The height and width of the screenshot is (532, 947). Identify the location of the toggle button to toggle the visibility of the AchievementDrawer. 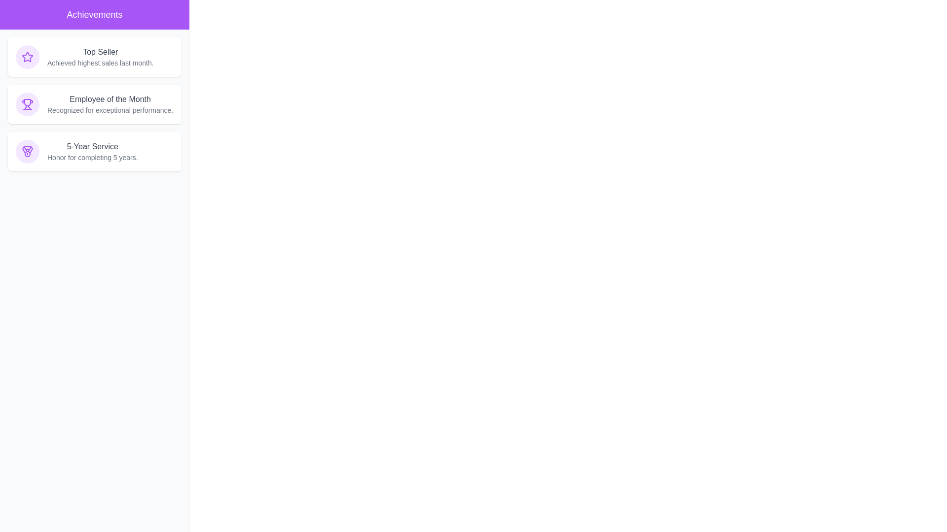
(19, 19).